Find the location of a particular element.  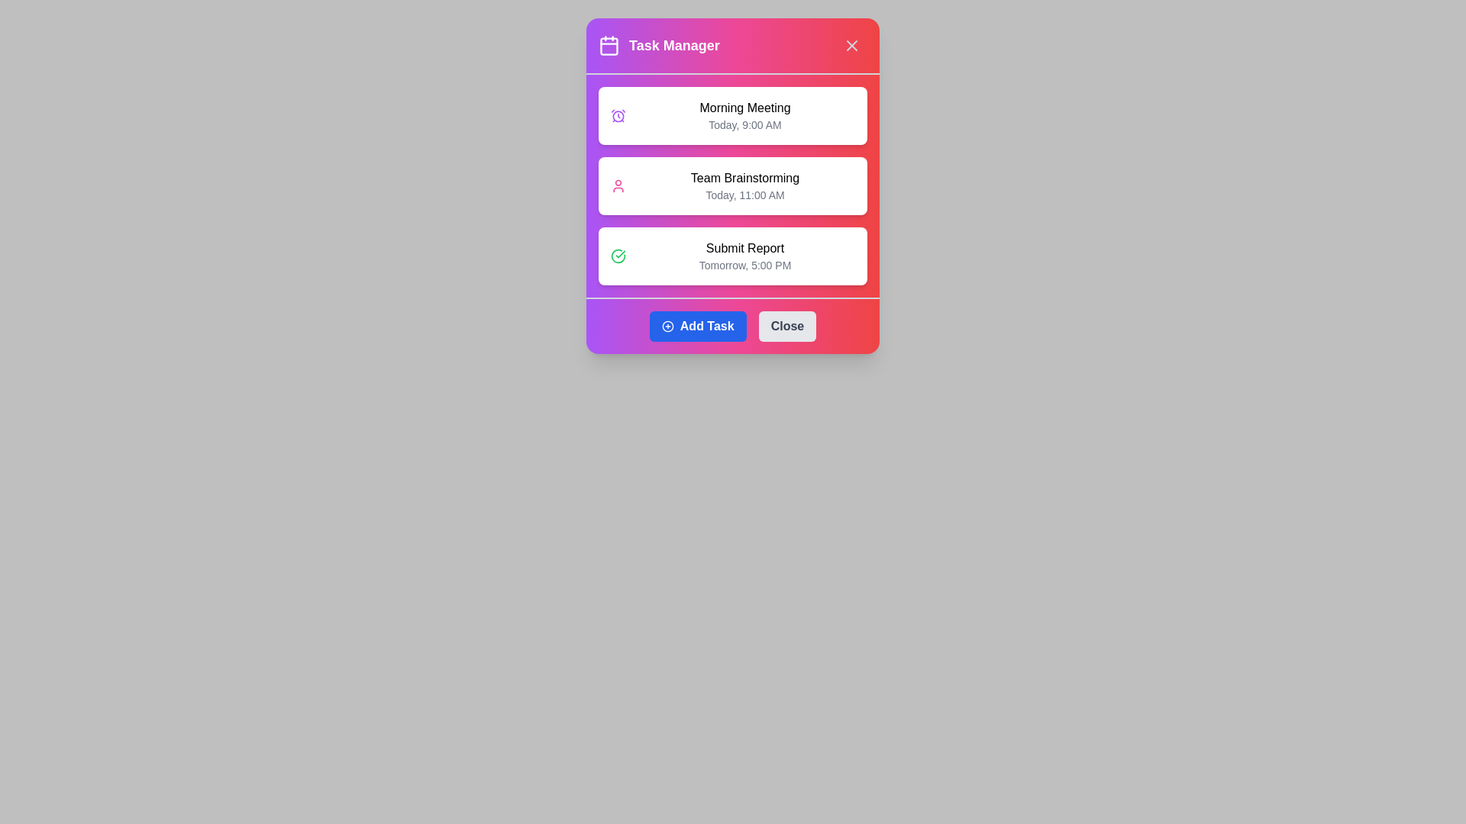

the text label that reads 'Tomorrow, 5:00 PM', which is located at the bottom of the 'Submit Report' section, directly beneath the title text 'Submit Report' is located at coordinates (744, 264).